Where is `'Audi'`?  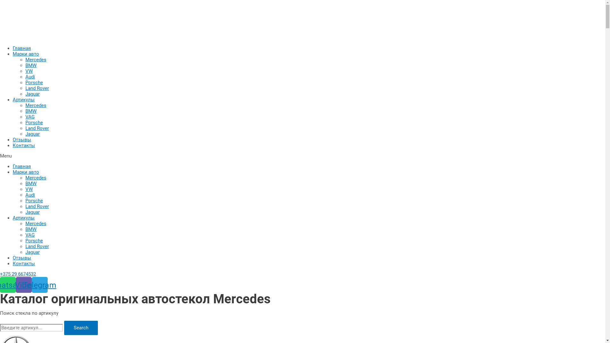 'Audi' is located at coordinates (30, 194).